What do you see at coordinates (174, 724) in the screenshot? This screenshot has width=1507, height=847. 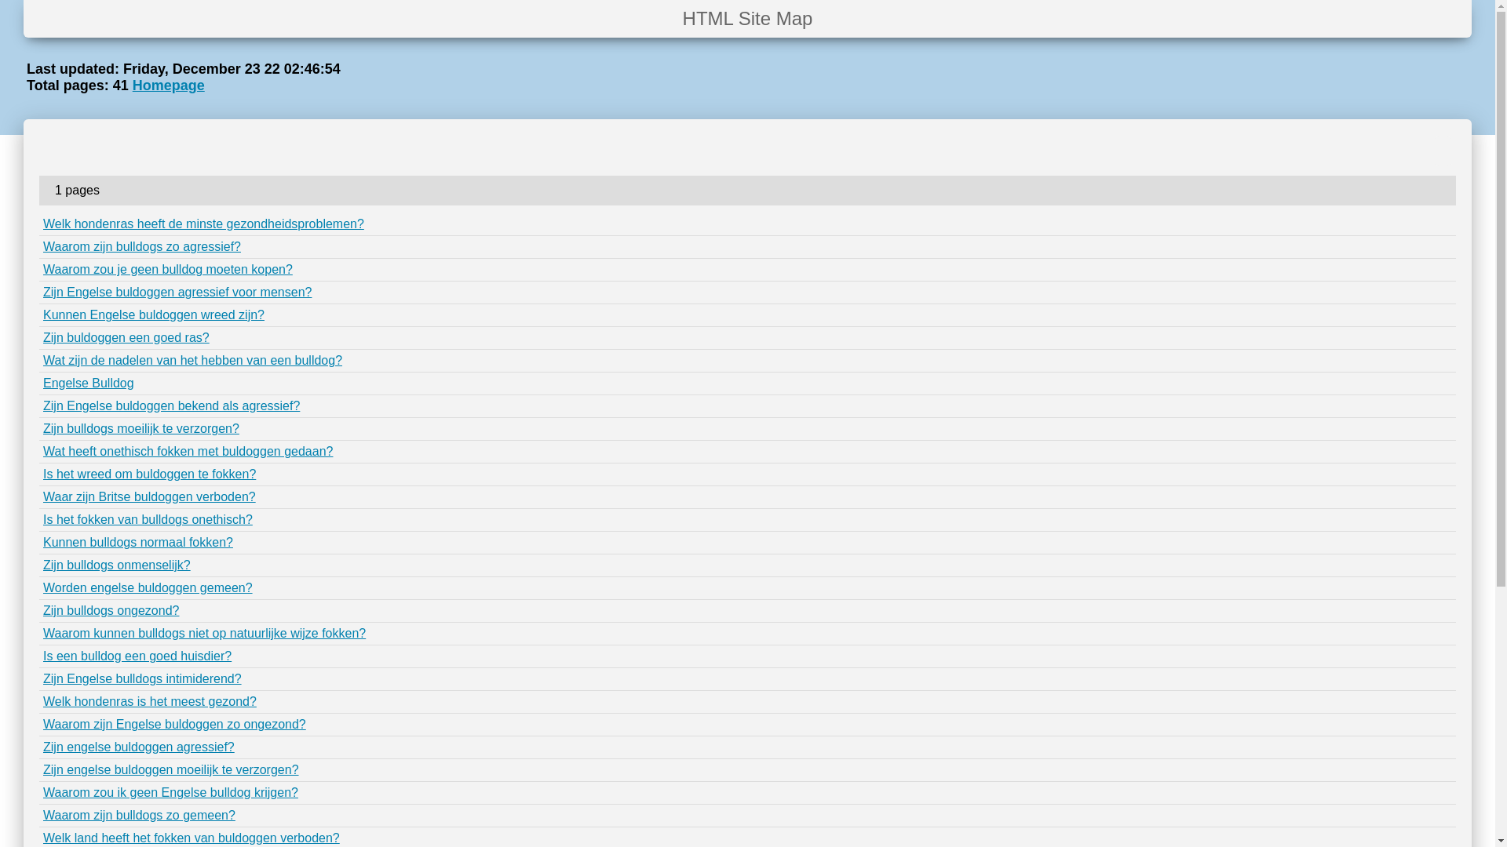 I see `'Waarom zijn Engelse buldoggen zo ongezond?'` at bounding box center [174, 724].